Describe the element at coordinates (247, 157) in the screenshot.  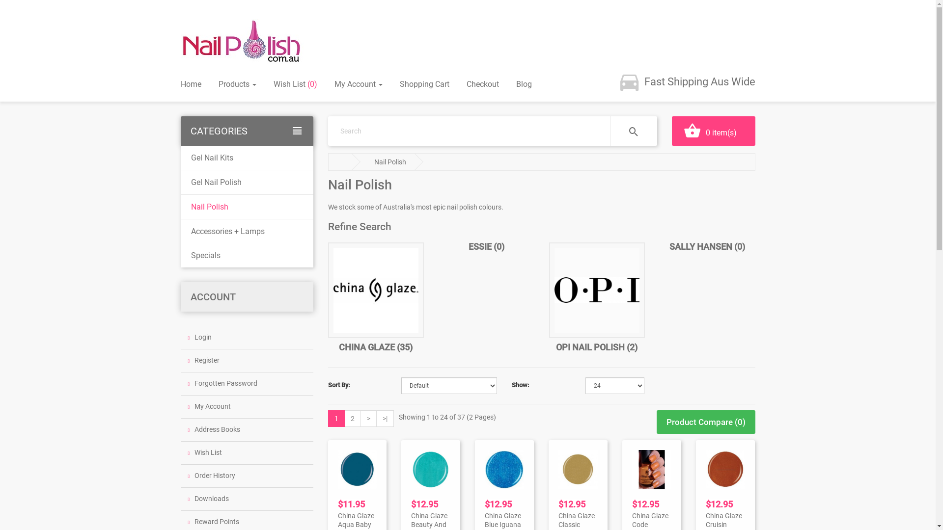
I see `'Gel Nail Kits'` at that location.